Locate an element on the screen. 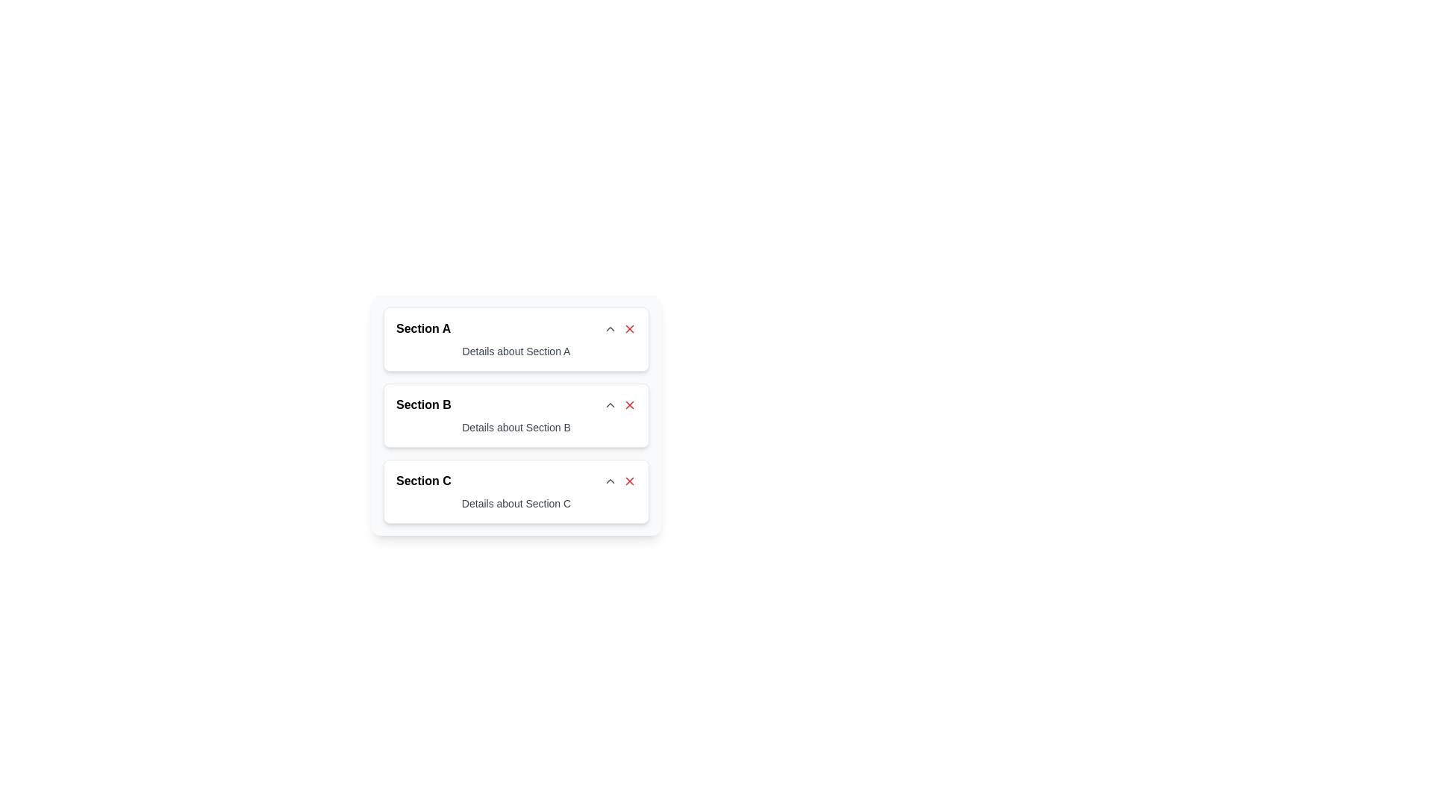  the red 'X' close button located in the top-right corner of 'Section B' is located at coordinates (630, 405).